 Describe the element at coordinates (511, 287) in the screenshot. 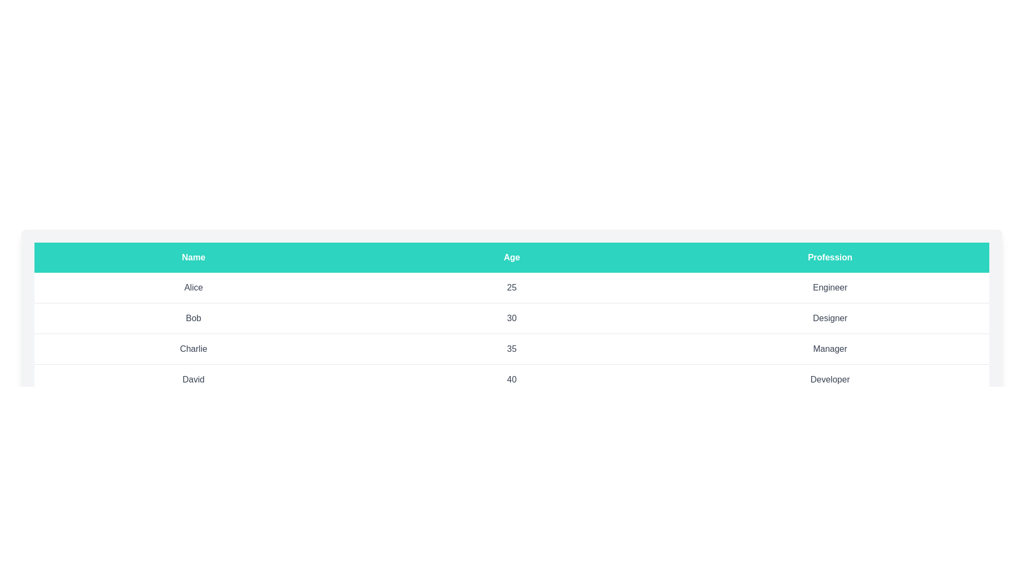

I see `the text display component in the first row of the table that shows 'Alice', '25', and 'Engineer' for potential details` at that location.